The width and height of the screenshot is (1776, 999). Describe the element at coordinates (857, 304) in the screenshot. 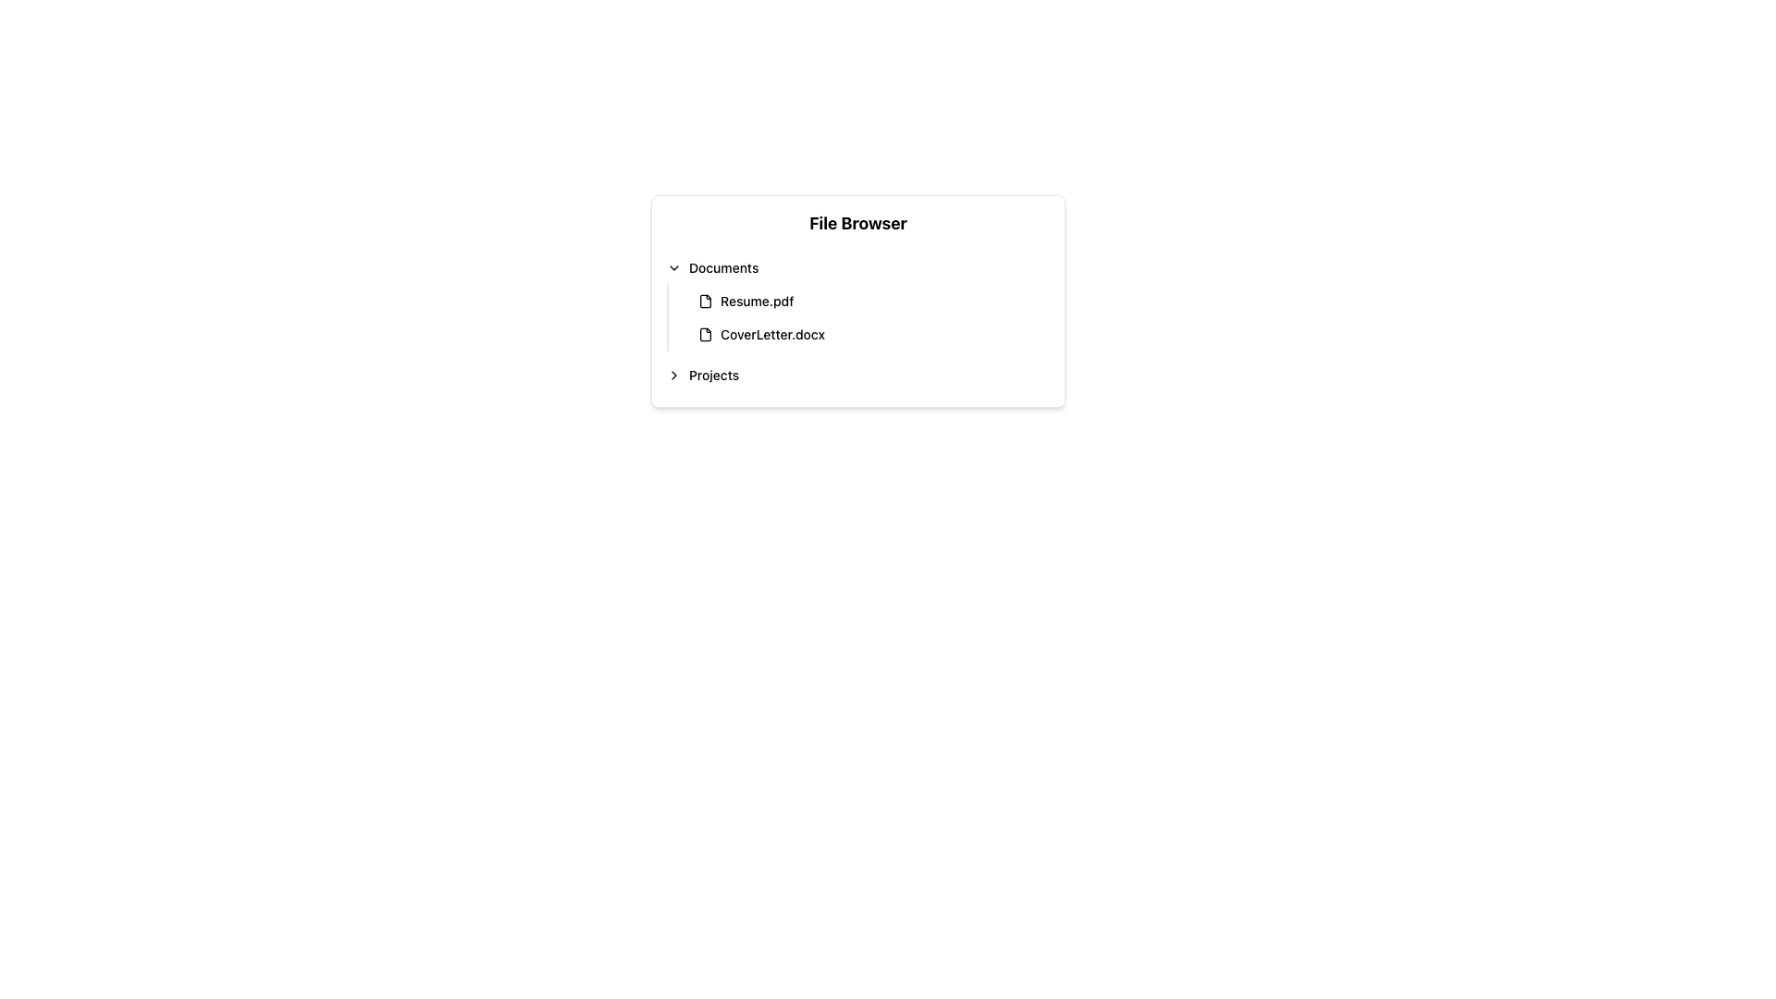

I see `the 'Resume.pdf' file item within the 'Documents' collapsible section, which is the first expanded node in the file browser layout` at that location.